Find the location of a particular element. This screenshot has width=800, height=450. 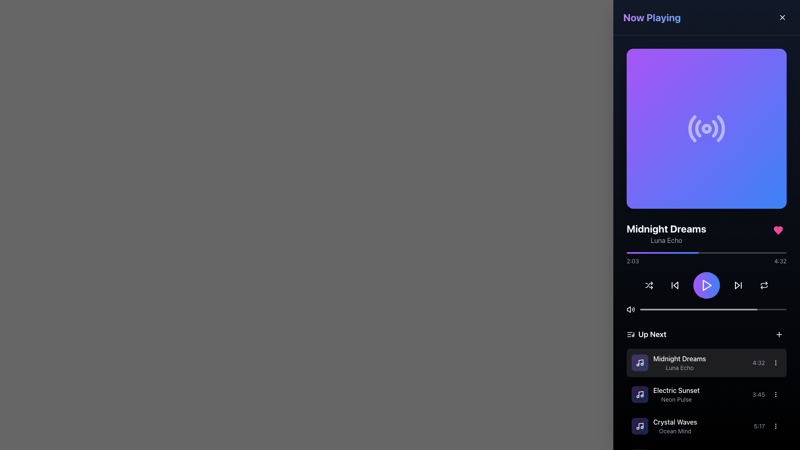

the close button located in the top-right corner of the 'Now Playing' header bar to change its style is located at coordinates (782, 17).